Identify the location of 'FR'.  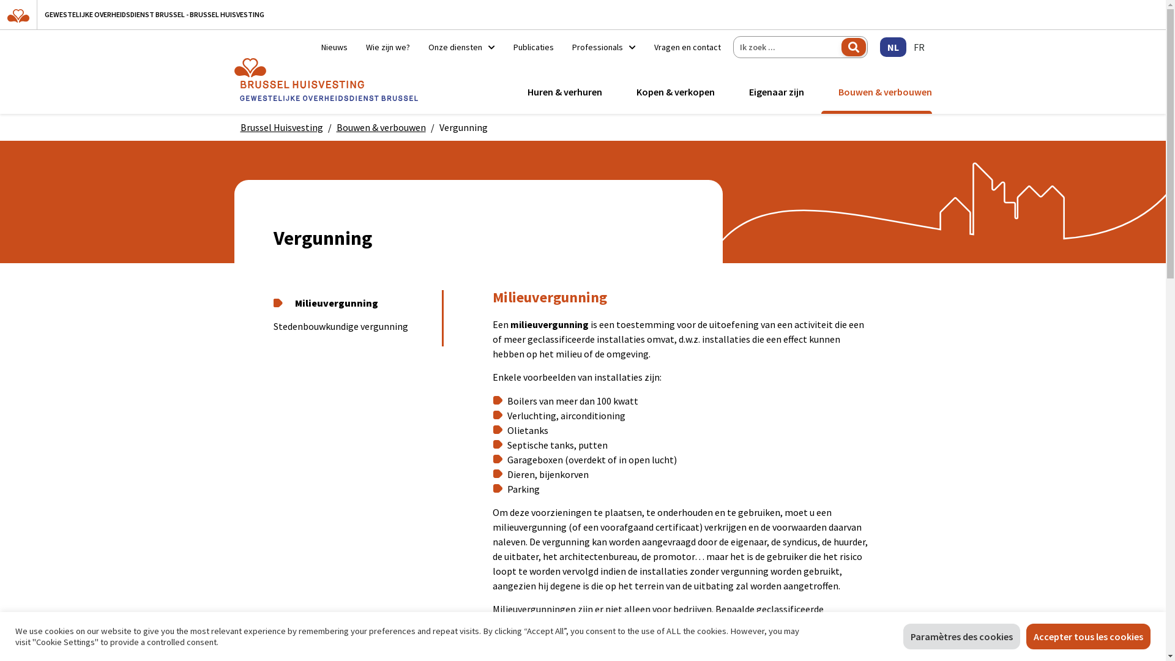
(919, 47).